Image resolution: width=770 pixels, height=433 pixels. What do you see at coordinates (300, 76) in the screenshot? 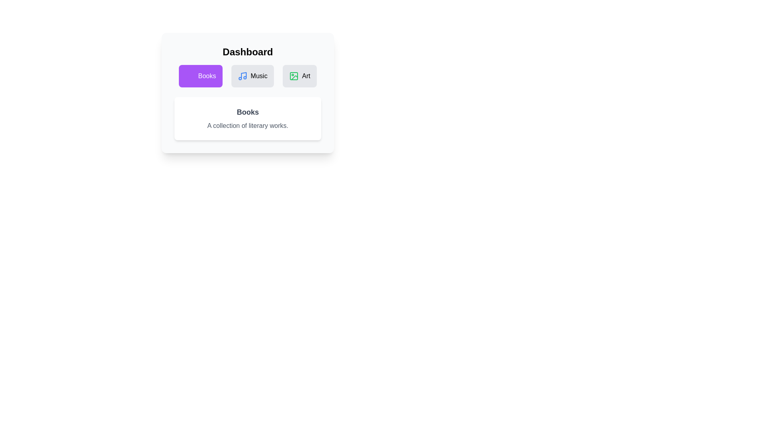
I see `the Art tab button to switch to the respective tab` at bounding box center [300, 76].